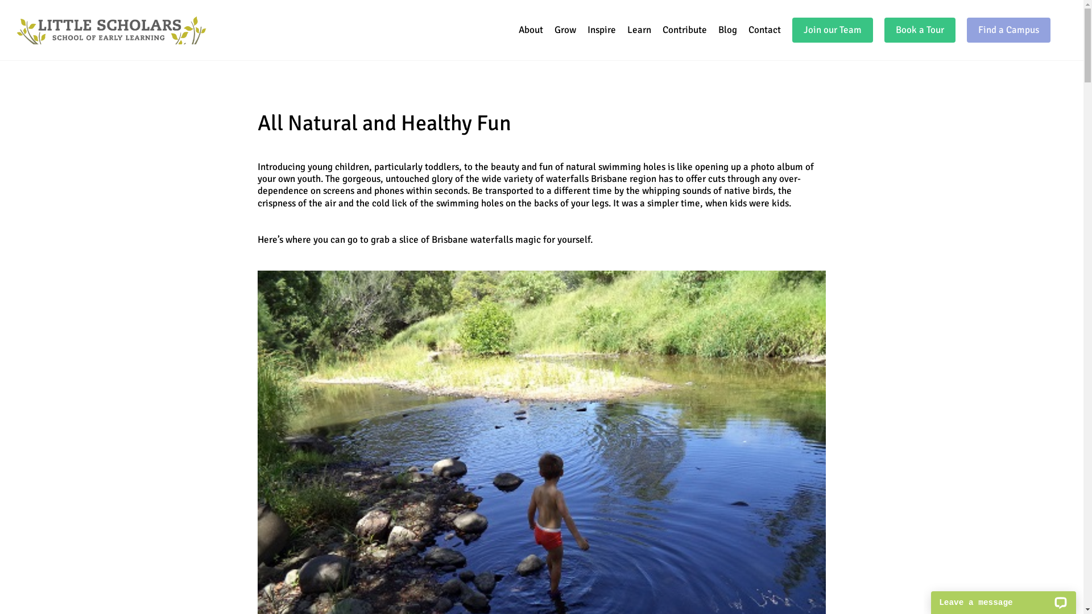 Image resolution: width=1092 pixels, height=614 pixels. I want to click on 'Contact', so click(764, 30).